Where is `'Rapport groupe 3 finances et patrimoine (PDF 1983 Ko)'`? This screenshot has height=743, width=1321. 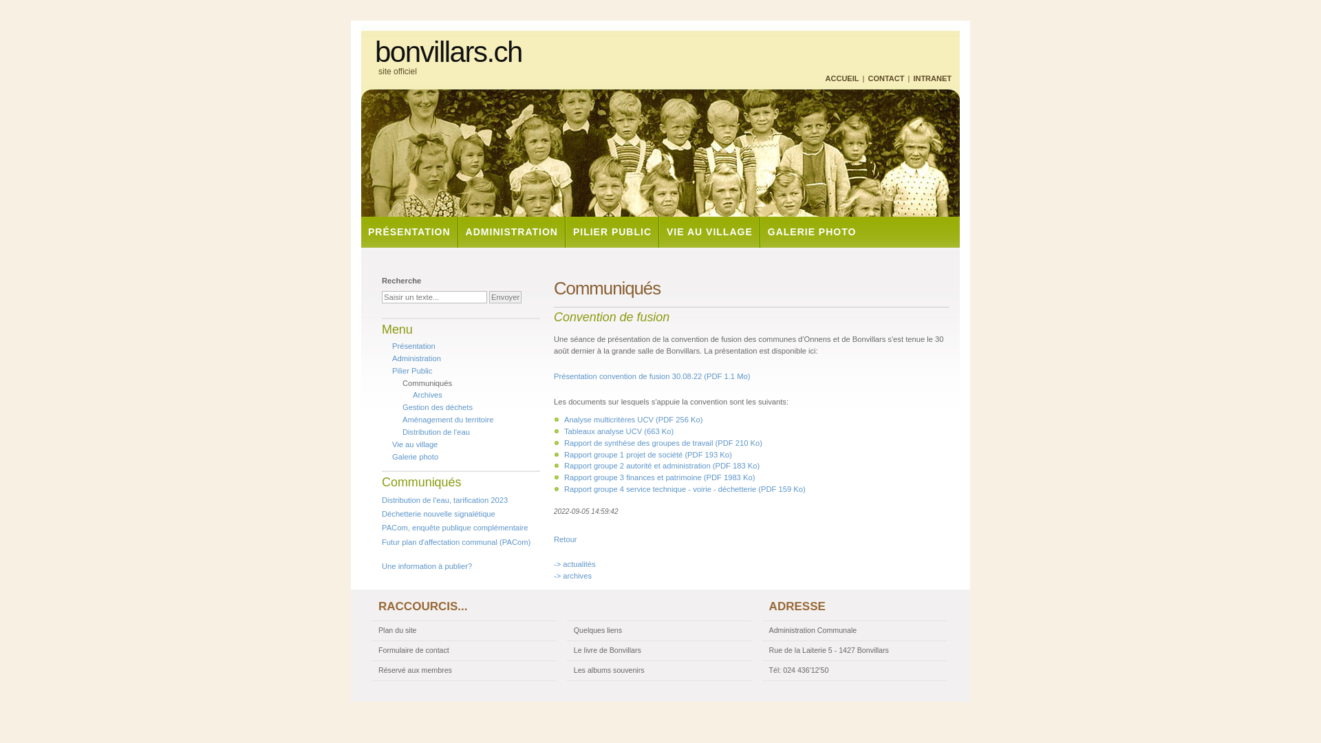 'Rapport groupe 3 finances et patrimoine (PDF 1983 Ko)' is located at coordinates (658, 477).